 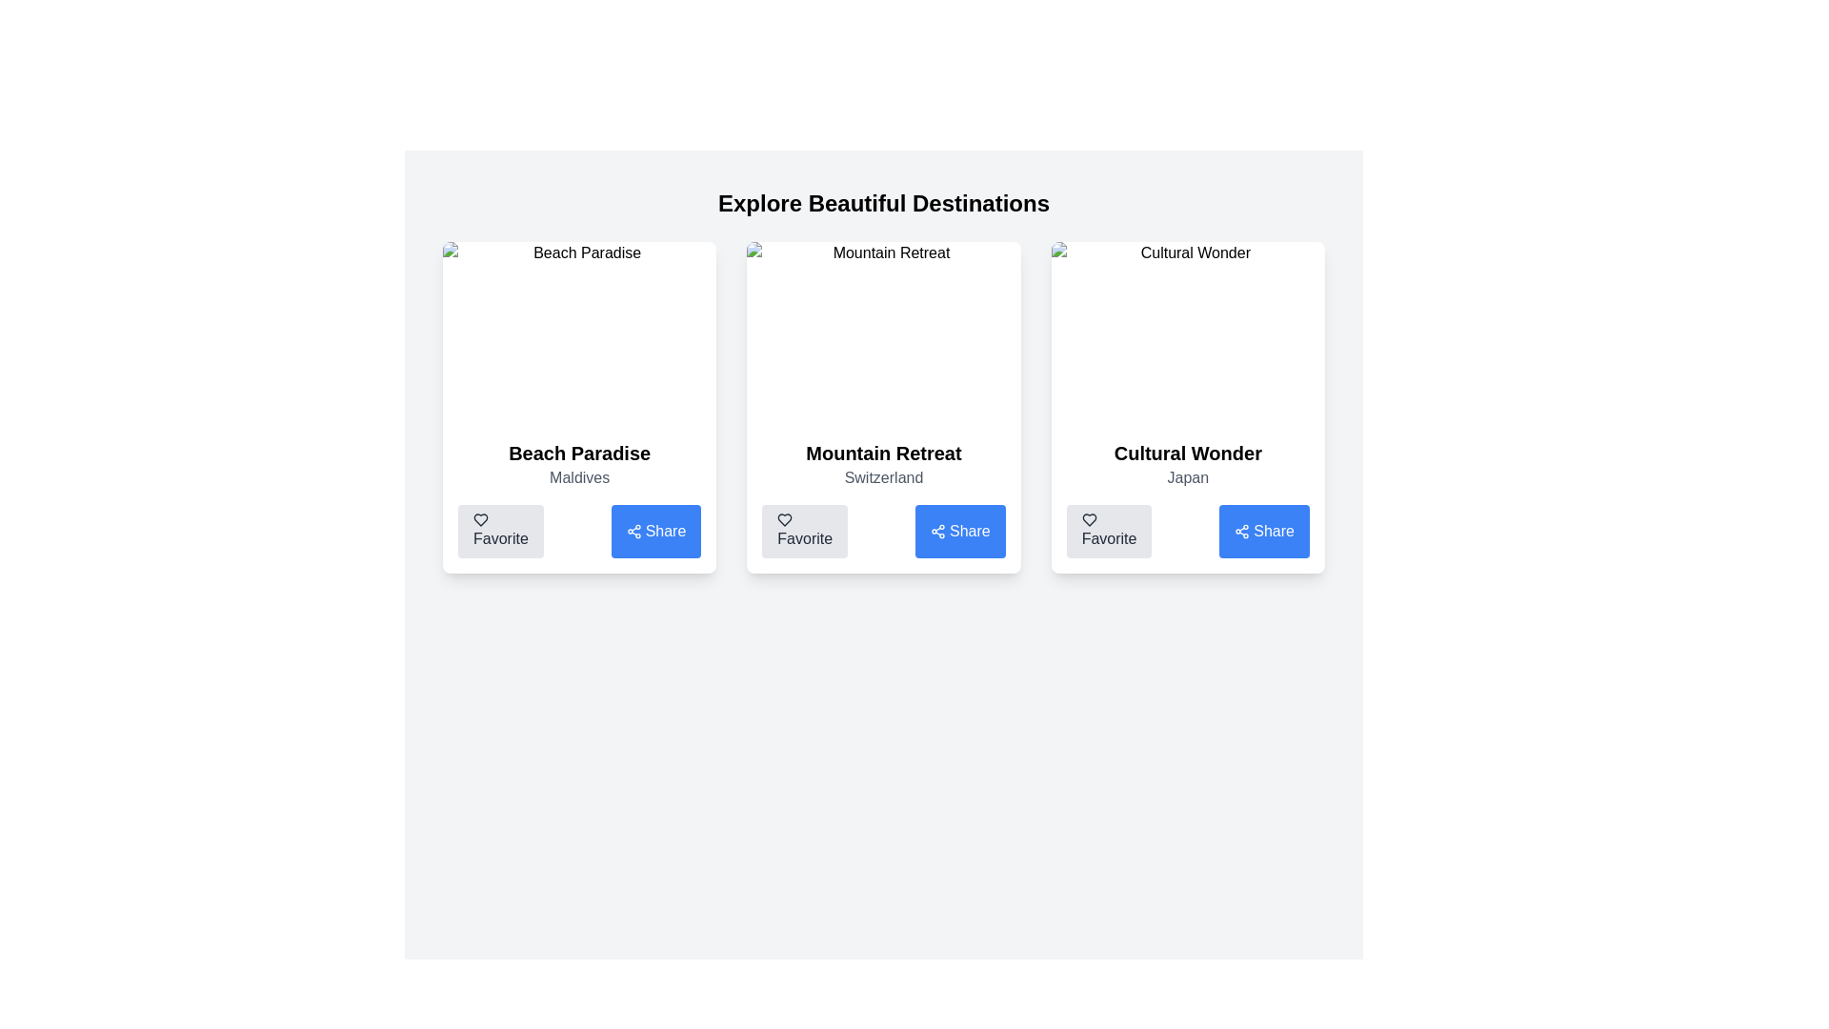 I want to click on the blue rounded rectangle button labeled 'Share', so click(x=655, y=532).